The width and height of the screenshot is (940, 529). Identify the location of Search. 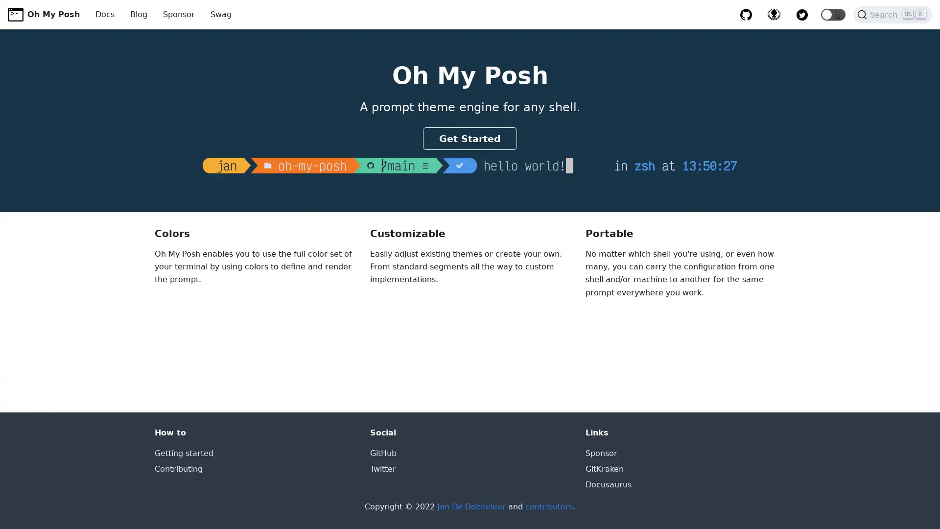
(893, 15).